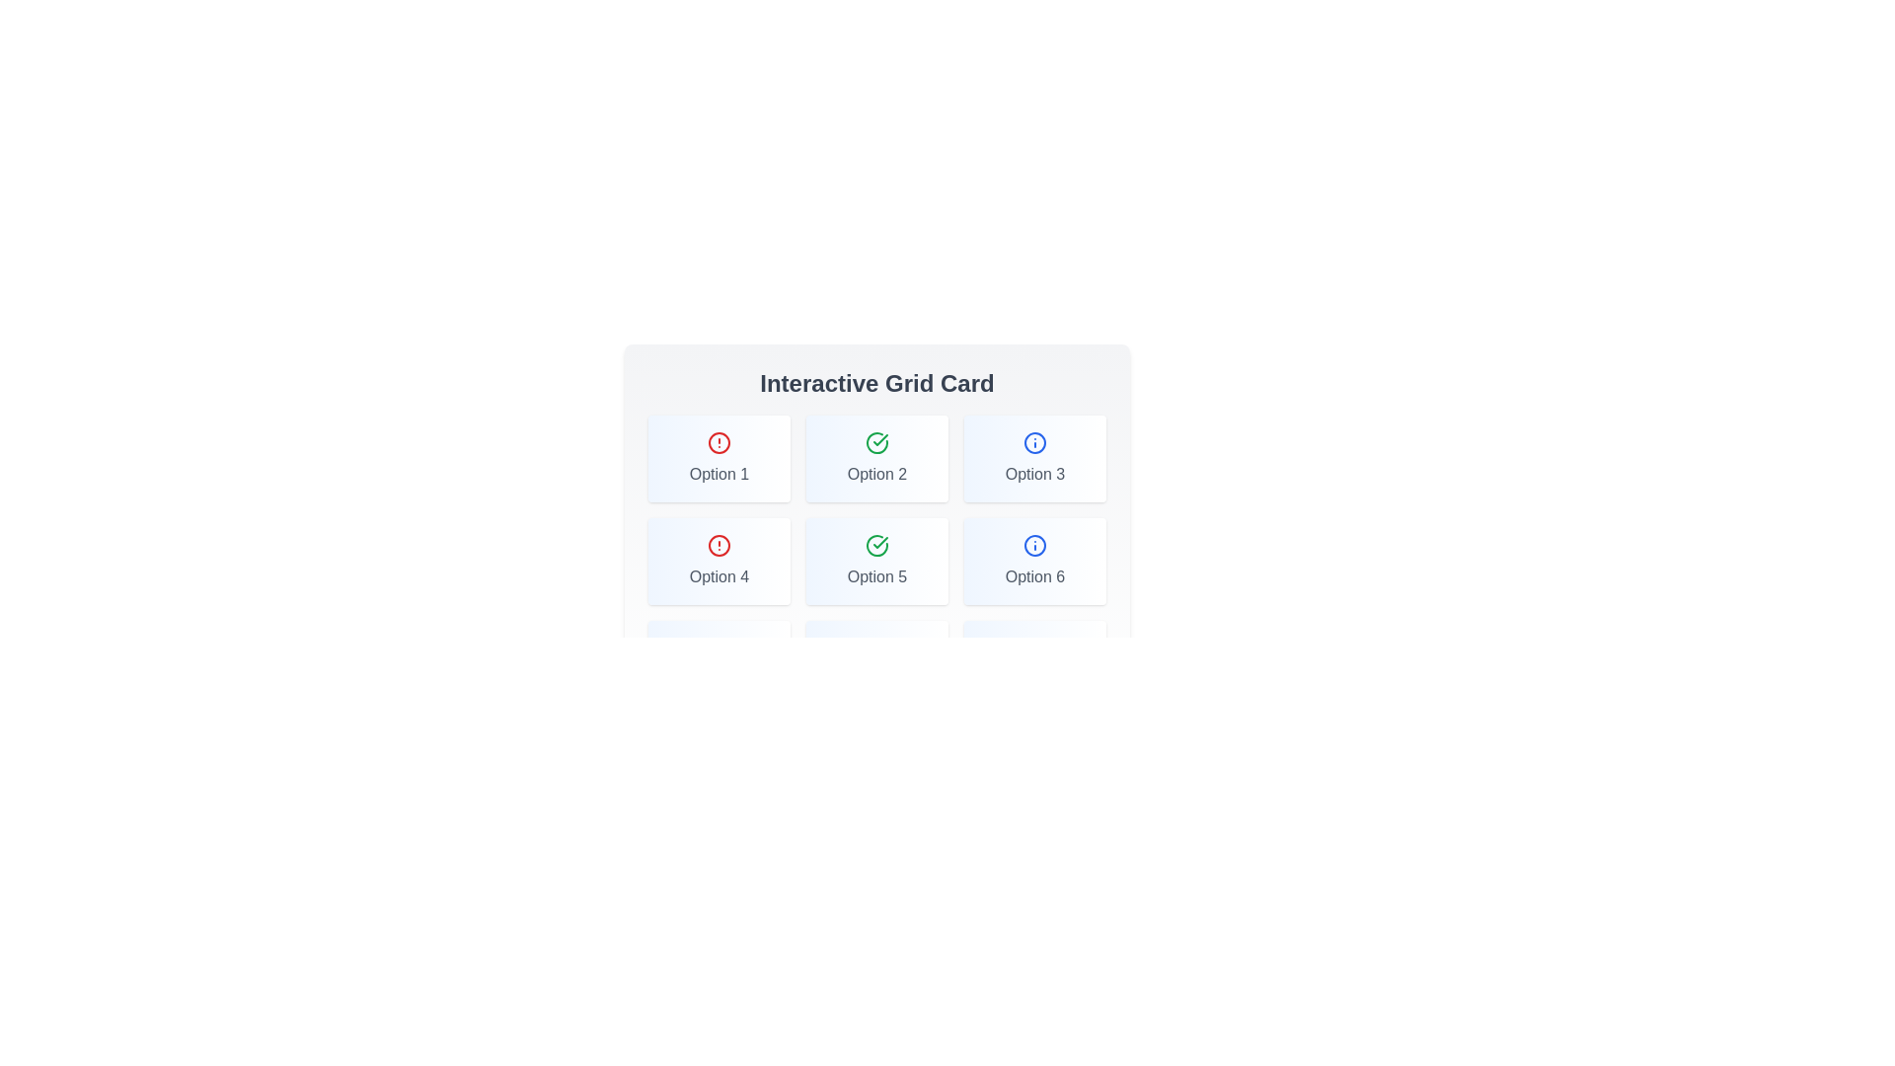  Describe the element at coordinates (719, 562) in the screenshot. I see `the Grid Card element featuring a gradient background and a warning icon at the top, labeled 'Option 4'` at that location.